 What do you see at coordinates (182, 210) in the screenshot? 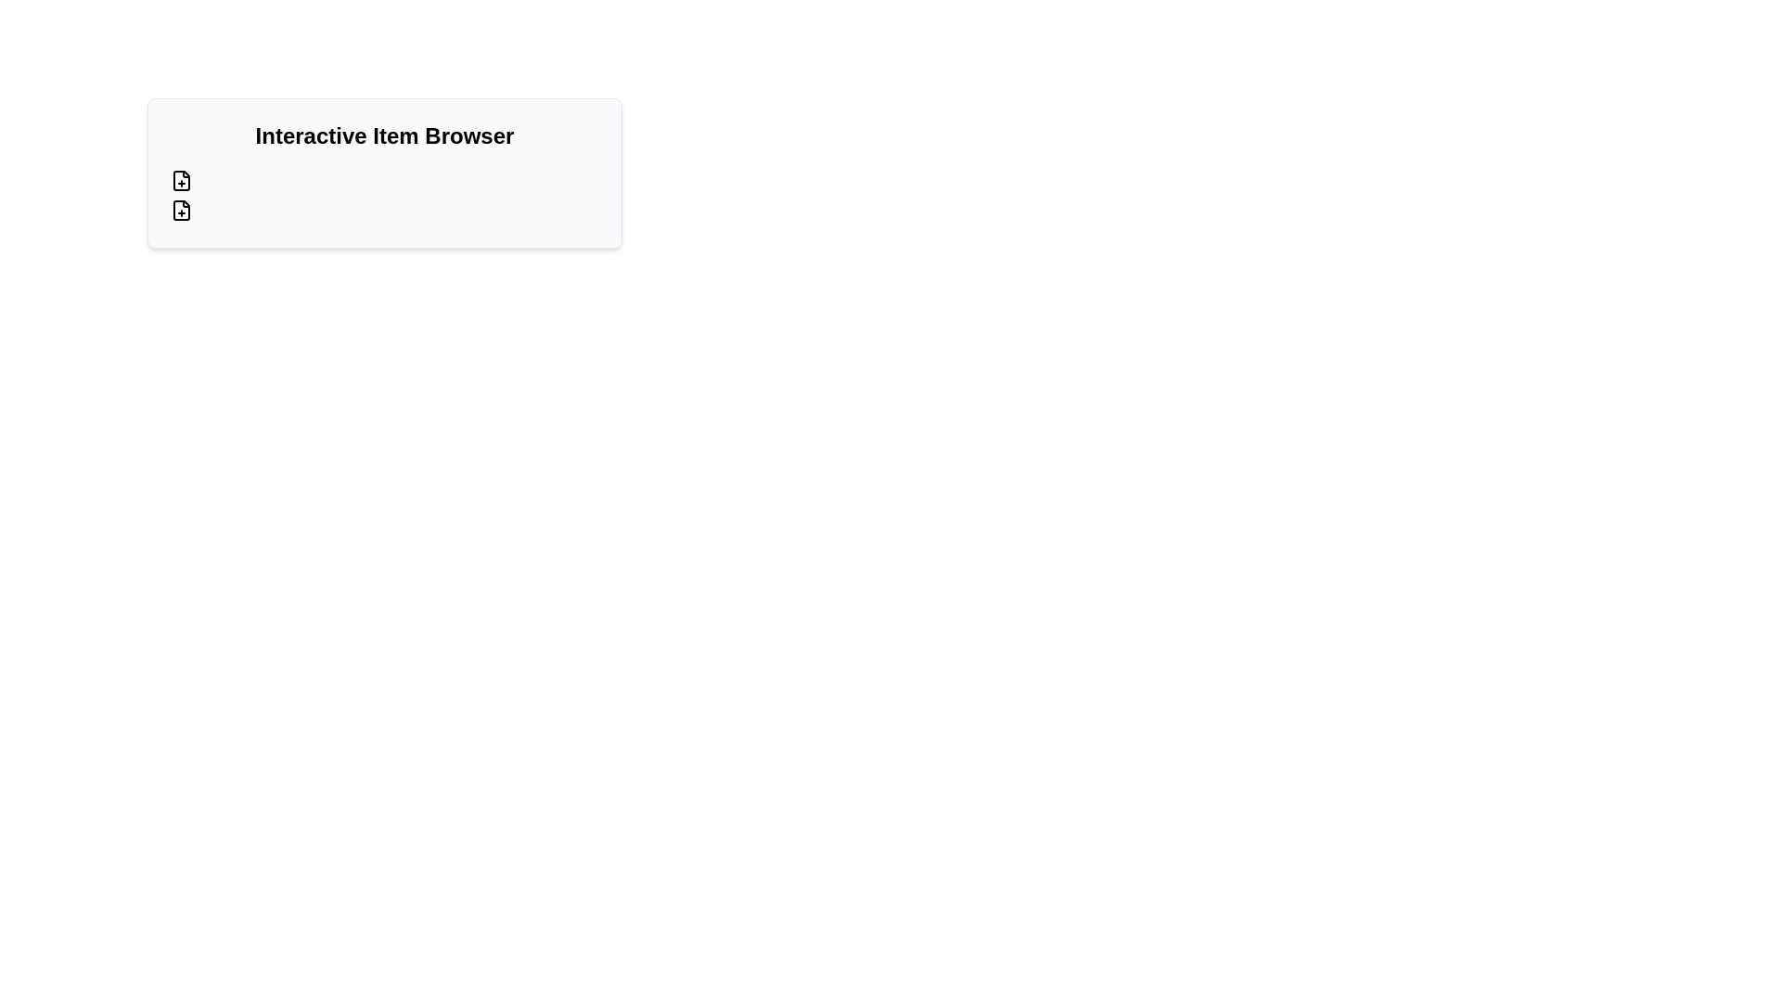
I see `the first icon in the Interactive Item Browser` at bounding box center [182, 210].